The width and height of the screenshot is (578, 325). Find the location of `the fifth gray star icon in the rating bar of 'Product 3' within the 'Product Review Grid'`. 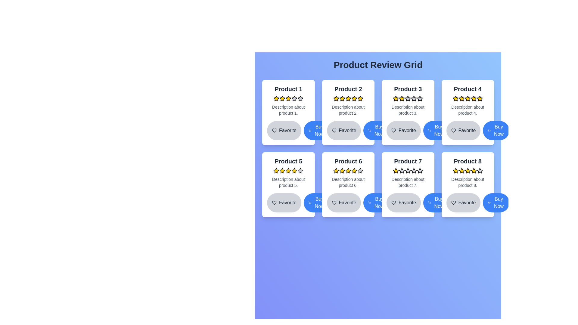

the fifth gray star icon in the rating bar of 'Product 3' within the 'Product Review Grid' is located at coordinates (413, 98).